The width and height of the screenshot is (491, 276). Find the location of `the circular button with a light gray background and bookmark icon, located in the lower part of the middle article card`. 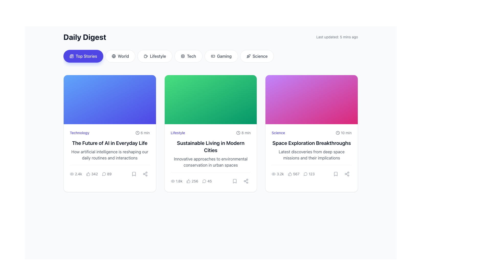

the circular button with a light gray background and bookmark icon, located in the lower part of the middle article card is located at coordinates (235, 181).